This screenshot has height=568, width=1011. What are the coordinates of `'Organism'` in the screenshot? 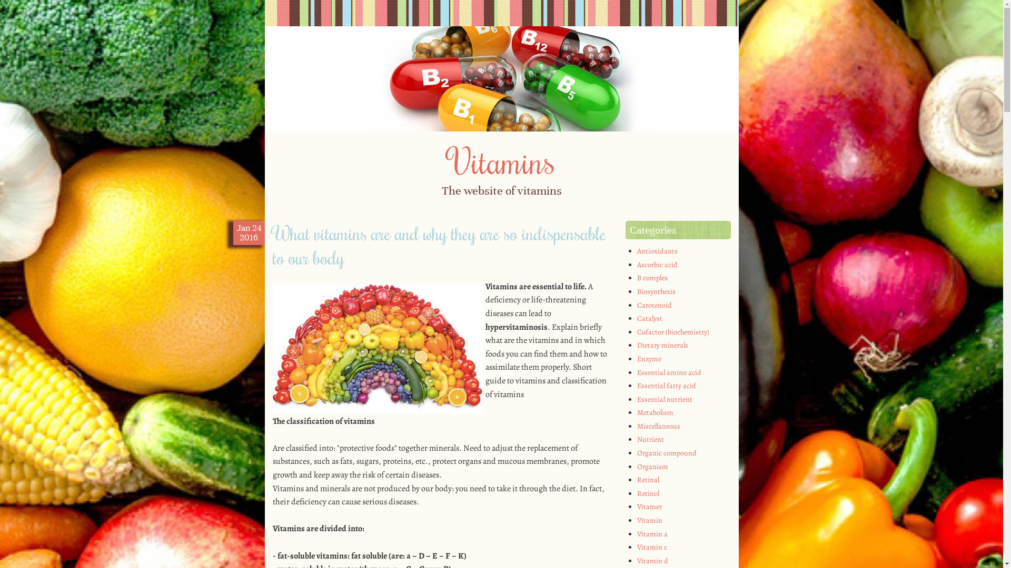 It's located at (652, 466).